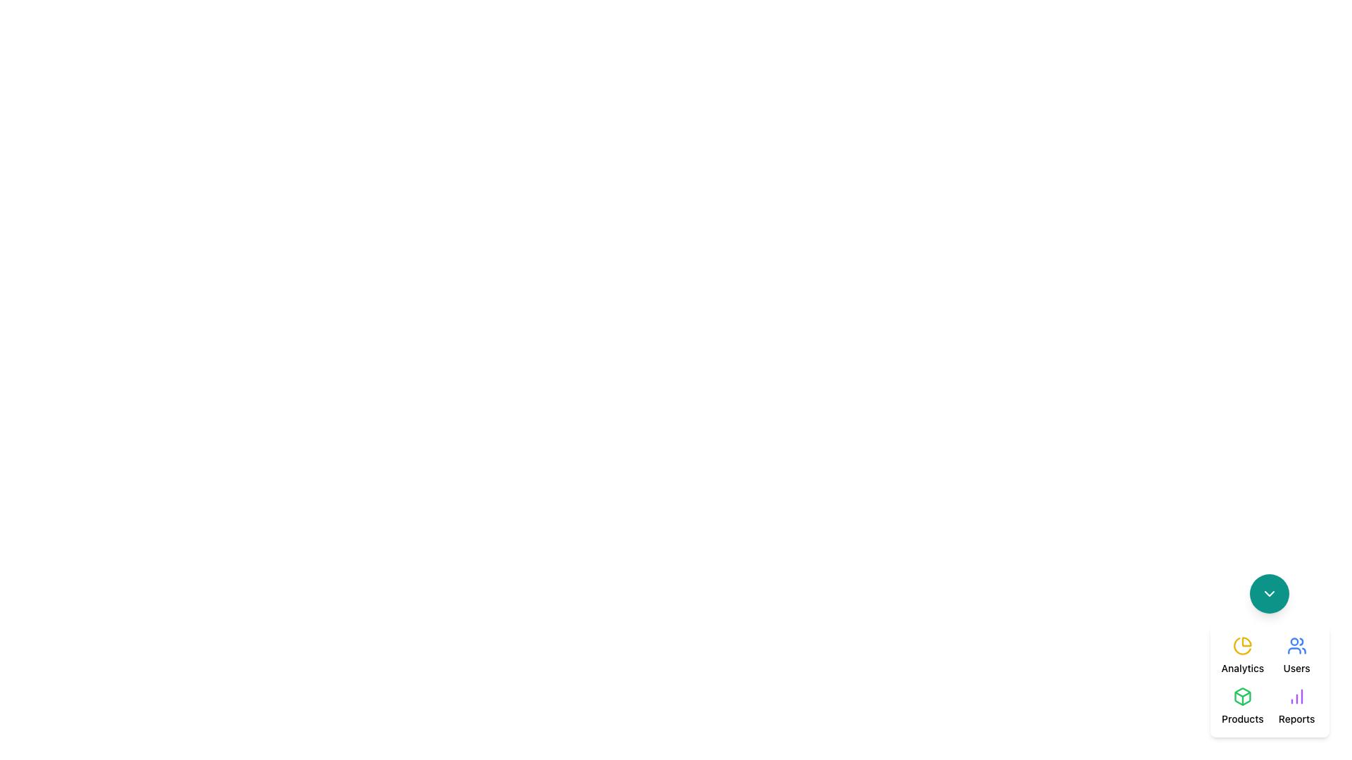 The height and width of the screenshot is (760, 1352). What do you see at coordinates (1243, 646) in the screenshot?
I see `the 'Analytics' icon located in the bottom-right part of the interface, which serves as a navigation element to the analytics section` at bounding box center [1243, 646].